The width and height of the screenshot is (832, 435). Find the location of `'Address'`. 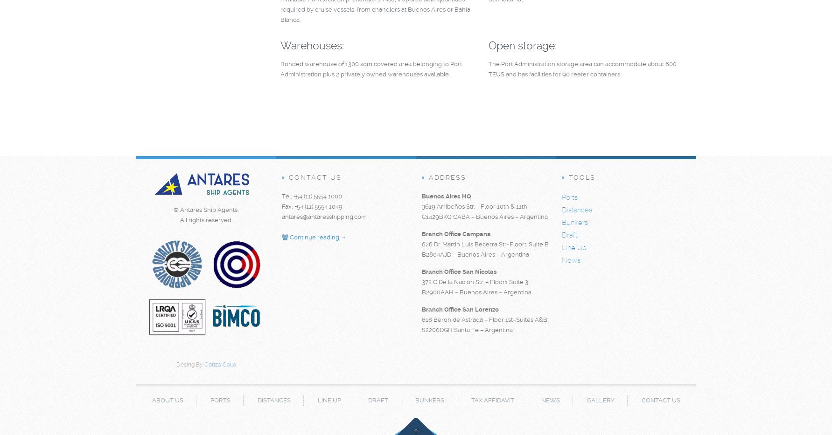

'Address' is located at coordinates (447, 177).